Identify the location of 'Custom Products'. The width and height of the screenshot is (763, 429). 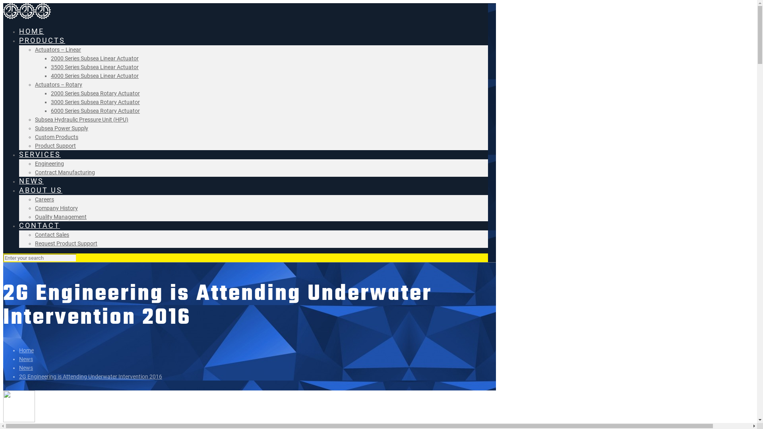
(56, 136).